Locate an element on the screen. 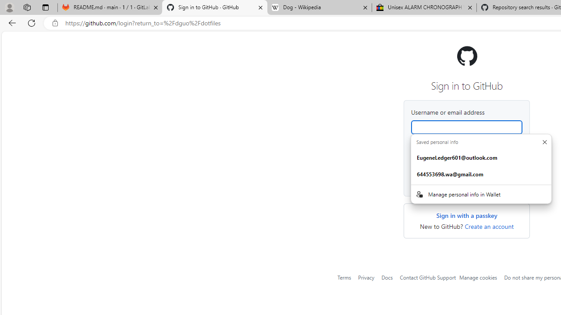  'Username or email address' is located at coordinates (466, 127).